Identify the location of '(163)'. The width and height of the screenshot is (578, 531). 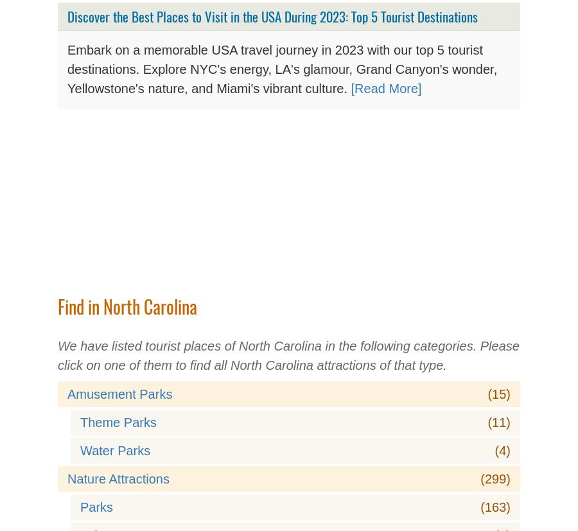
(495, 507).